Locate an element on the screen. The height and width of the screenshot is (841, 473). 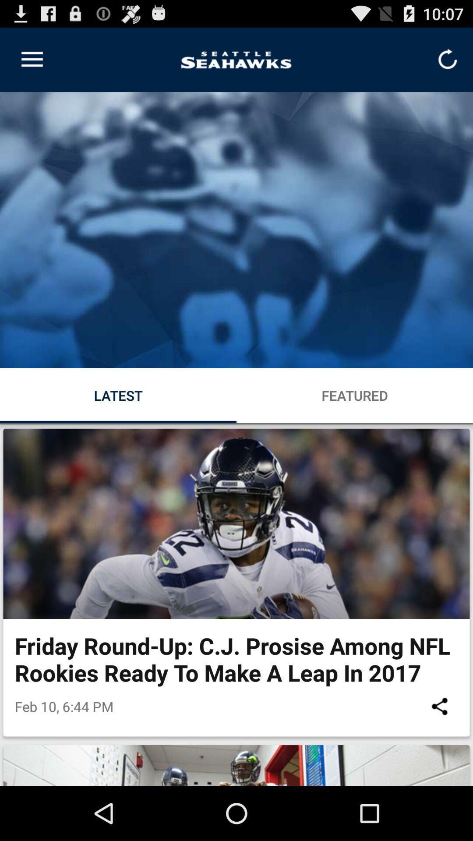
icon at the top left corner is located at coordinates (32, 59).